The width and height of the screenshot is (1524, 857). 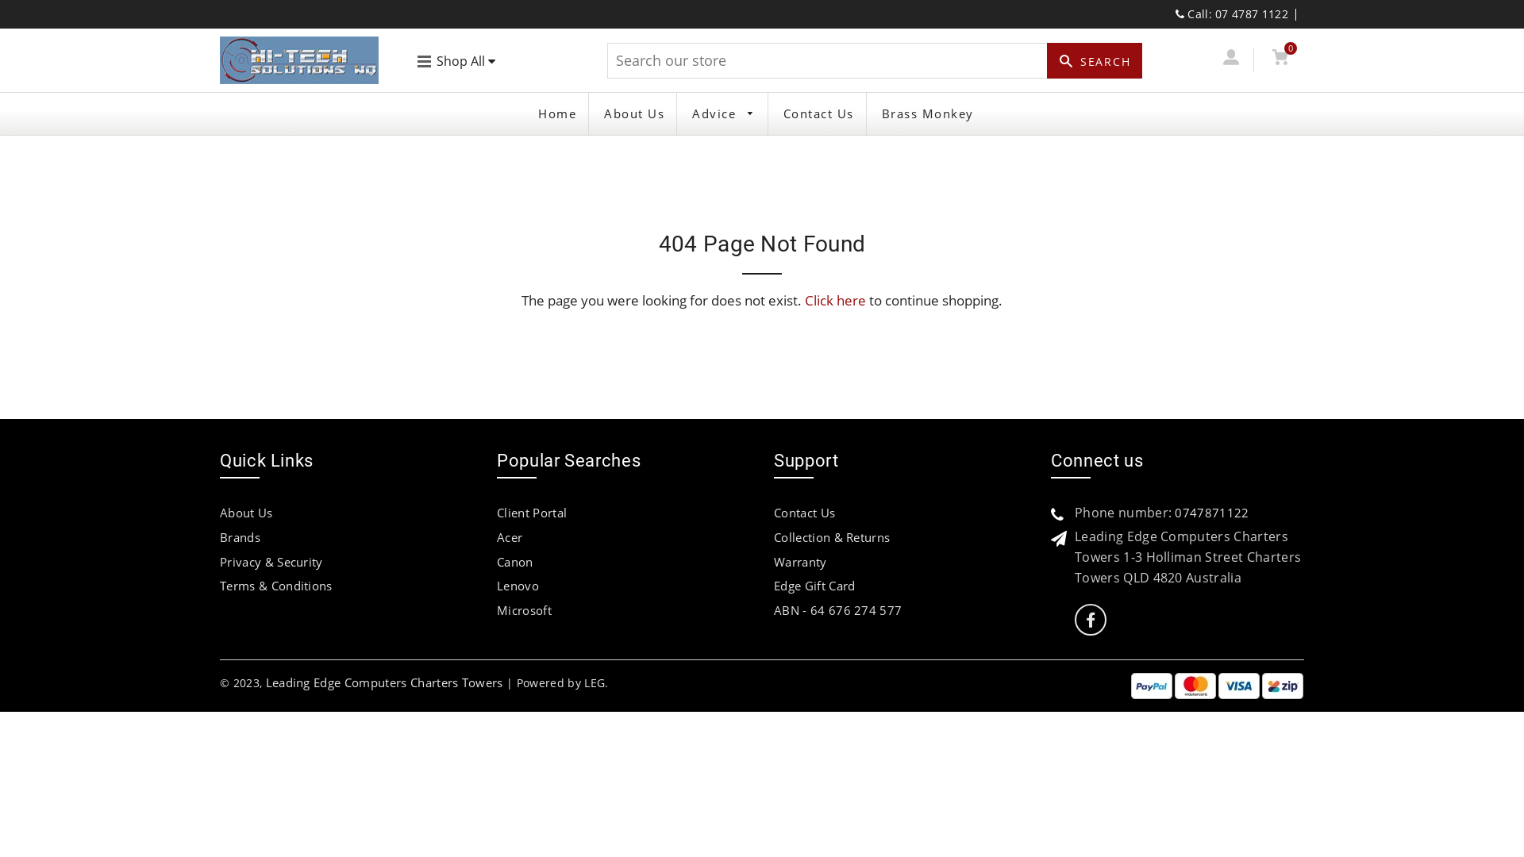 What do you see at coordinates (1176, 14) in the screenshot?
I see `'Call: 07 4787 1122'` at bounding box center [1176, 14].